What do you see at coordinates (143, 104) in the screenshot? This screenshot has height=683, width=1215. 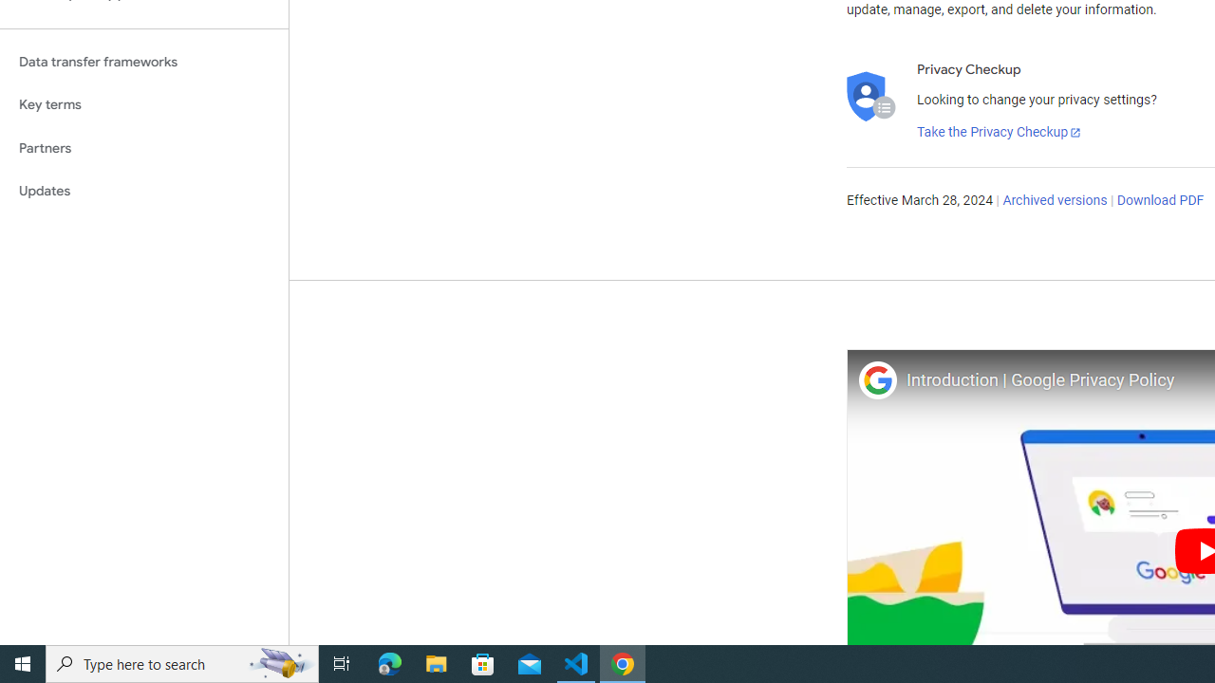 I see `'Key terms'` at bounding box center [143, 104].